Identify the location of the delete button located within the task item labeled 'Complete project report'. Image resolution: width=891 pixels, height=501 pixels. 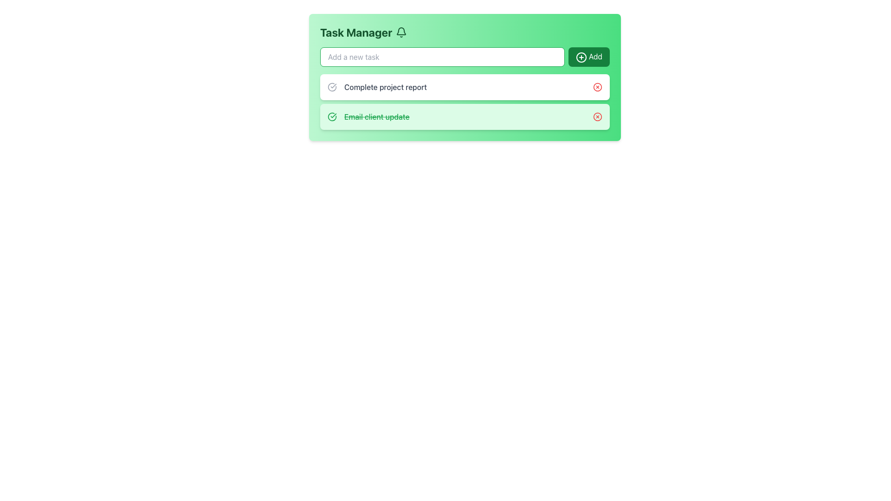
(597, 87).